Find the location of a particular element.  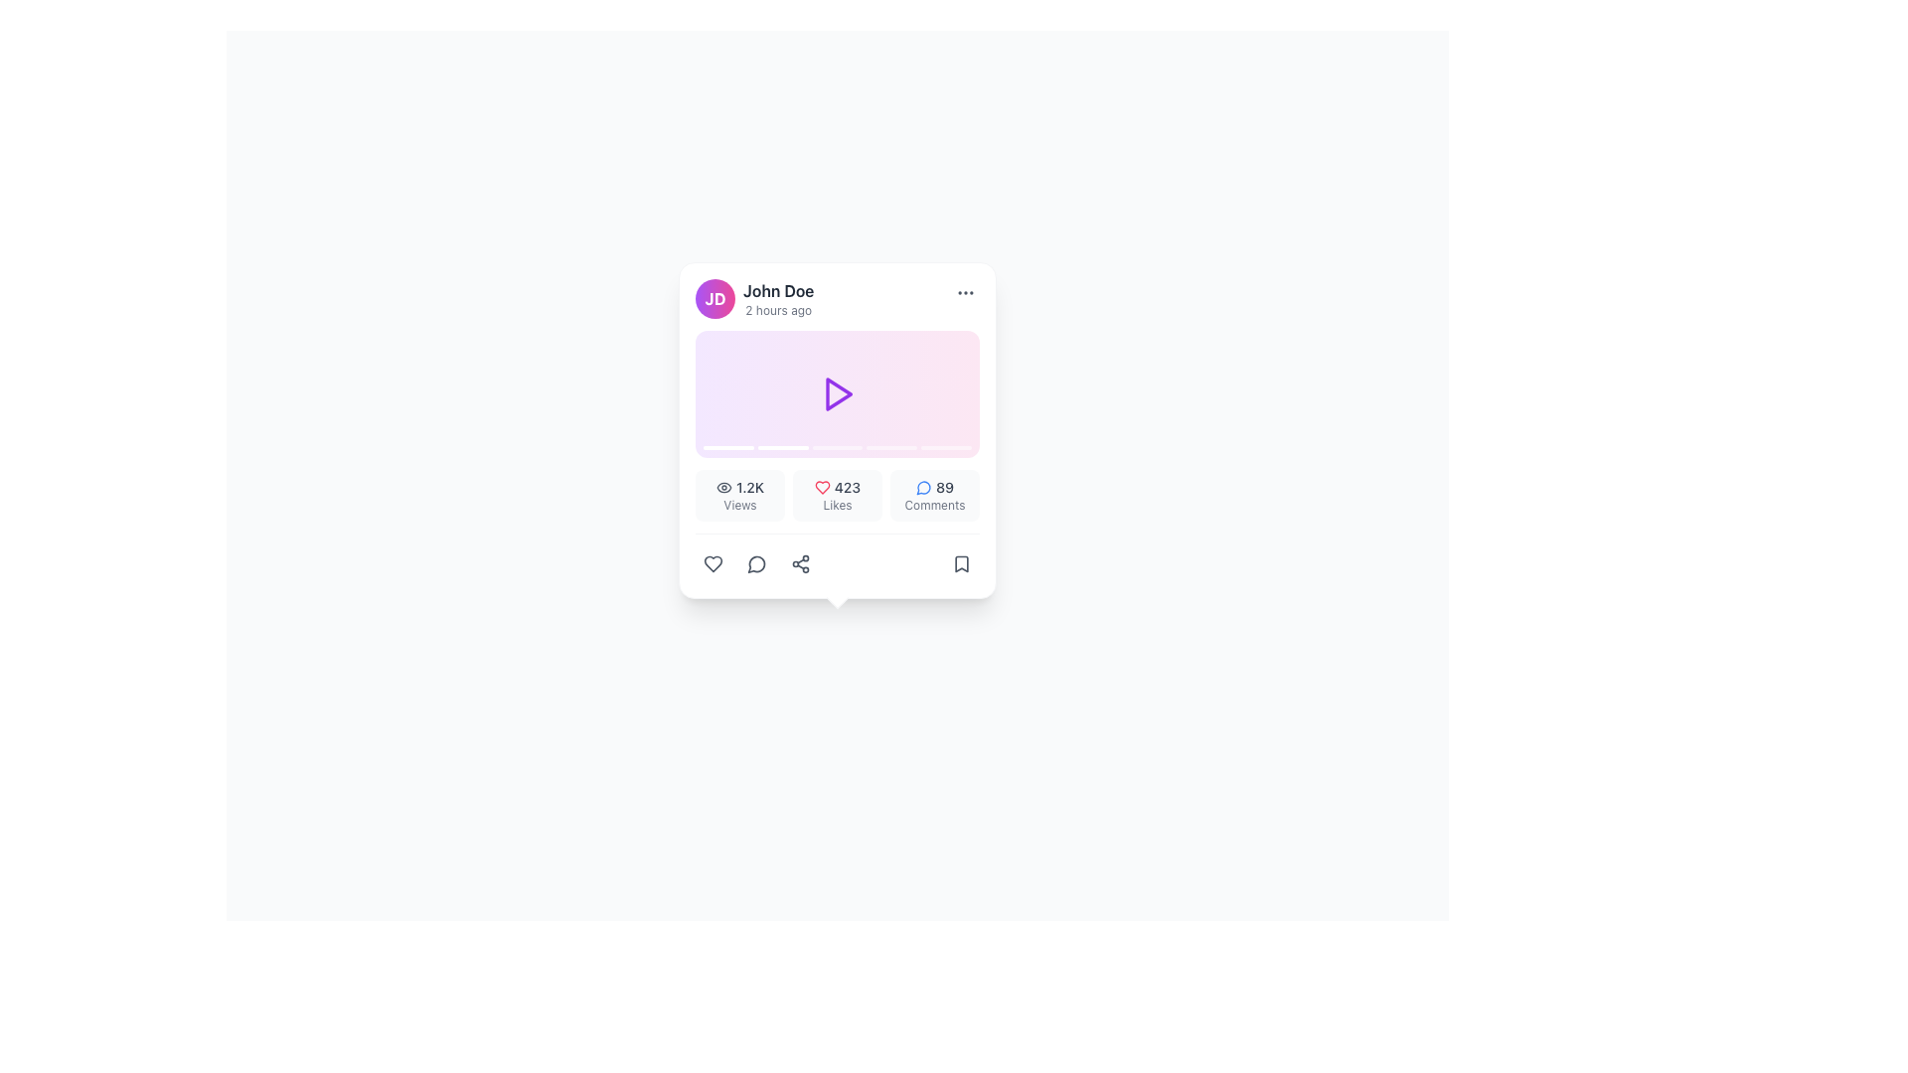

the likes count icon located in the second column of the statistics section at the bottom bar of the card, positioned between the views and comments sections is located at coordinates (714, 563).